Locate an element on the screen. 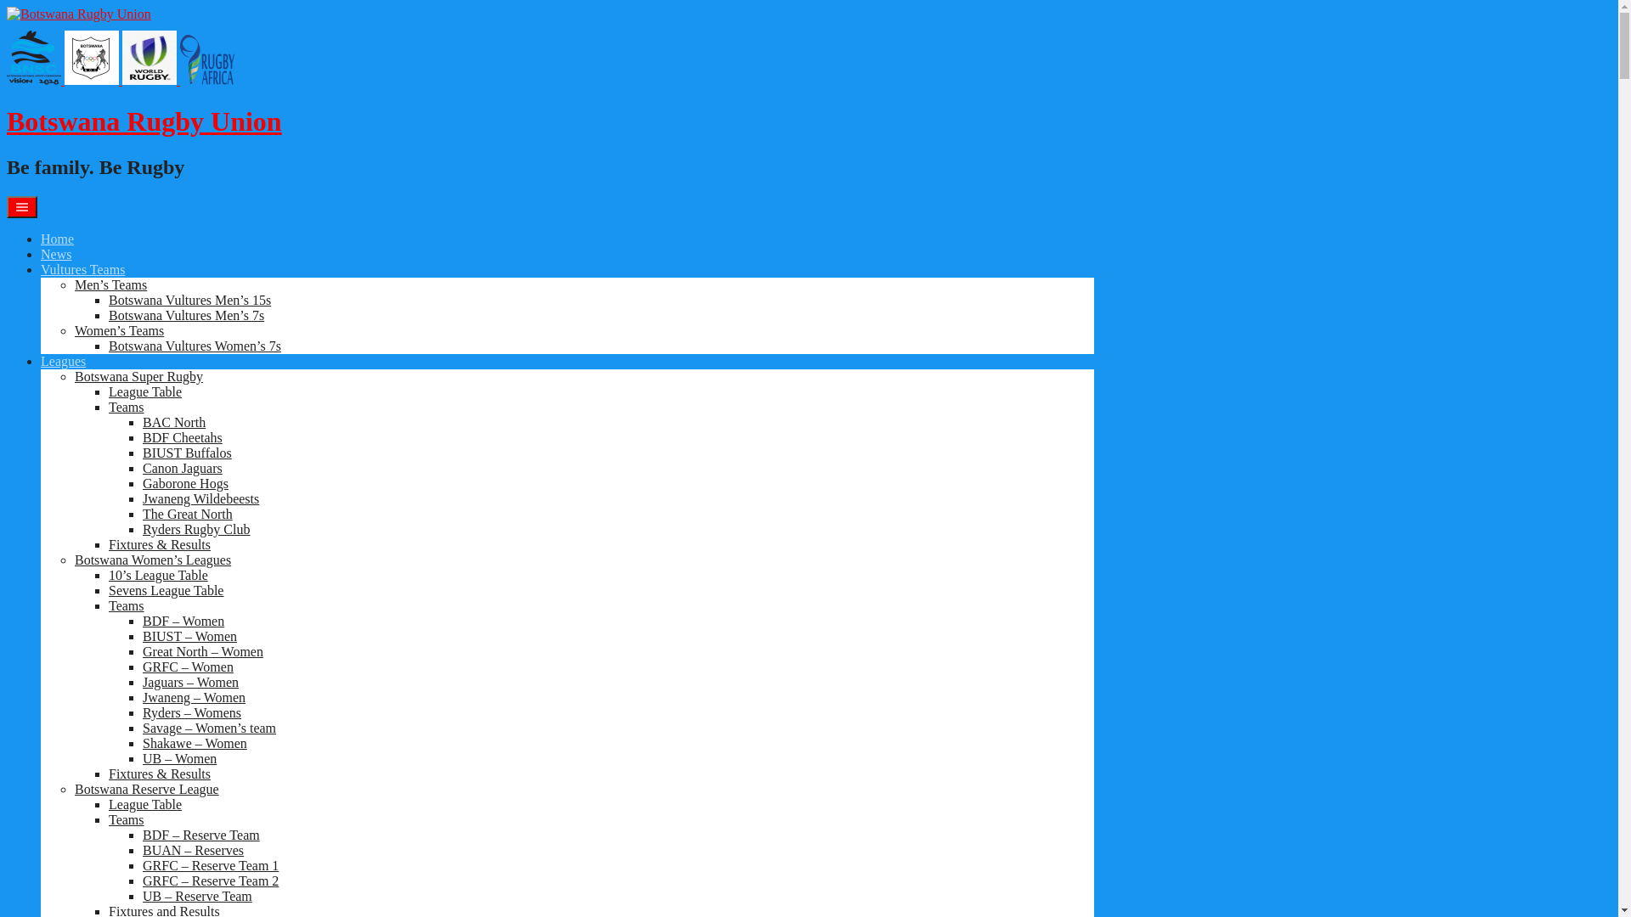 This screenshot has height=917, width=1631. 'Home' is located at coordinates (57, 239).